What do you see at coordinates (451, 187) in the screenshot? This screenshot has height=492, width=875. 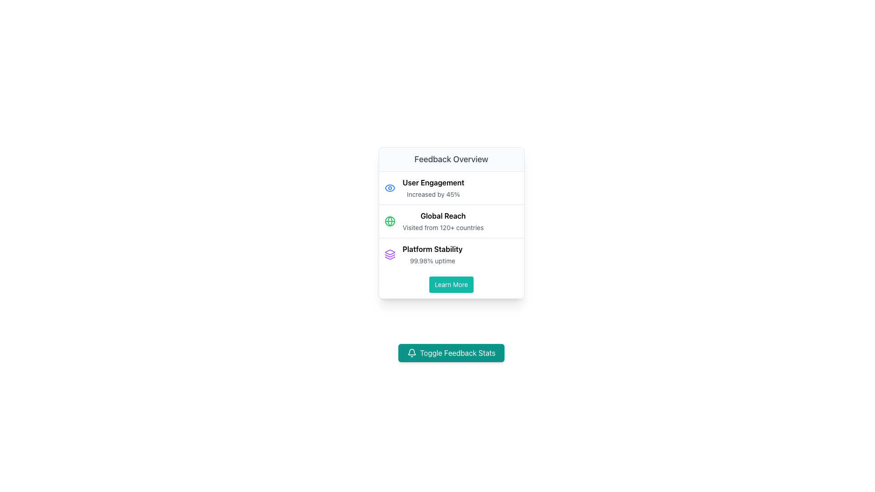 I see `the Text and icon informational display that shows a 45% increase in user engagement, located directly below the 'Feedback Overview' title` at bounding box center [451, 187].